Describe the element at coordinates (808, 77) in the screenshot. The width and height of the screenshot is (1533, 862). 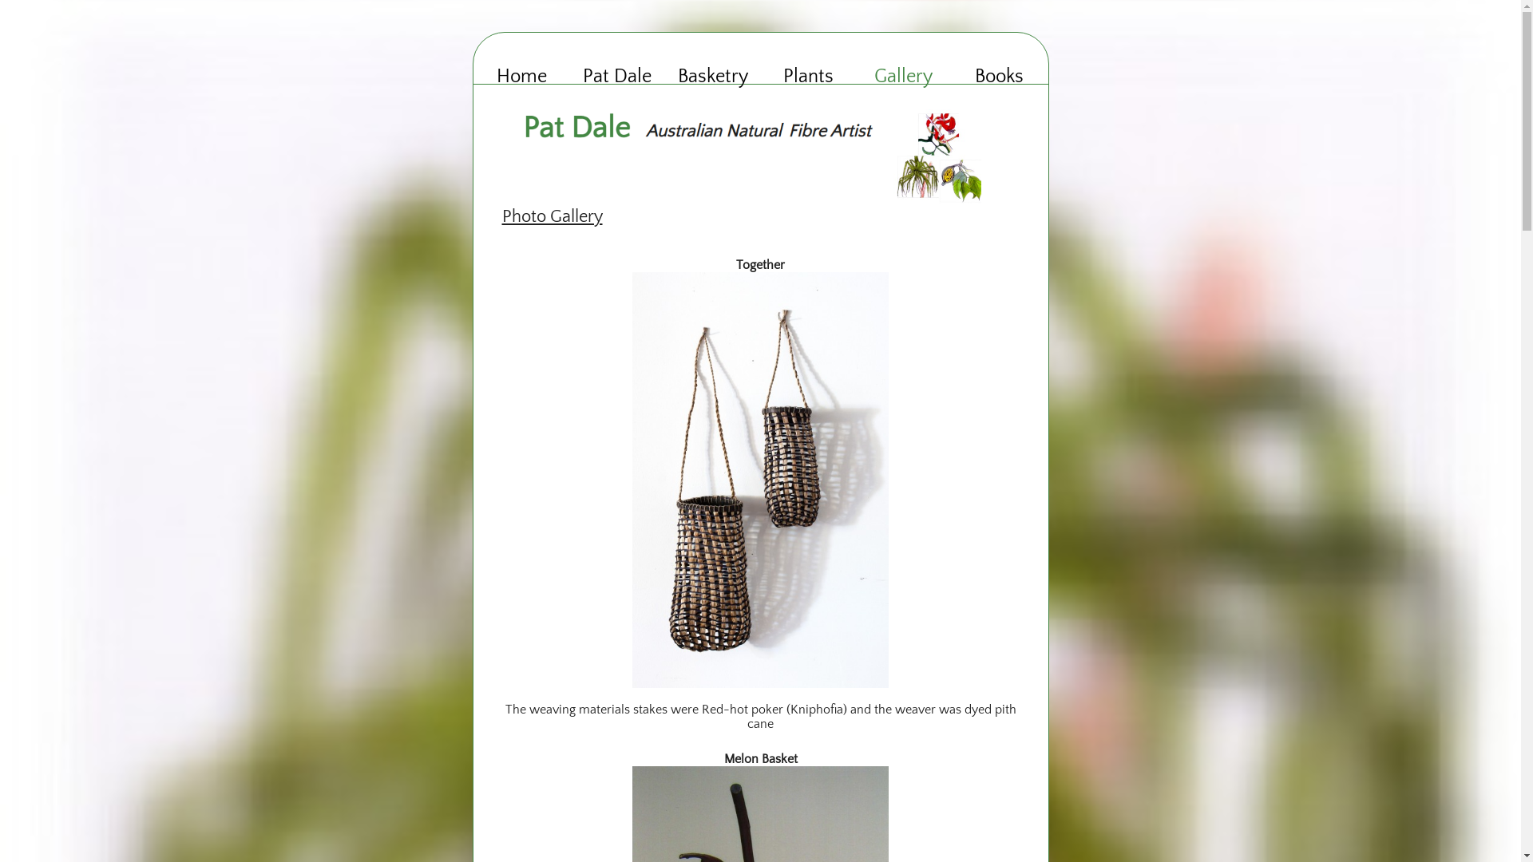
I see `'Plants'` at that location.